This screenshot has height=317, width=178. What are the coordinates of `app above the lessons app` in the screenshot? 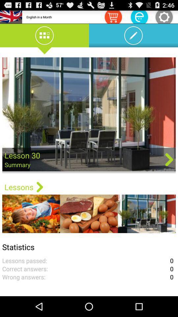 It's located at (89, 115).